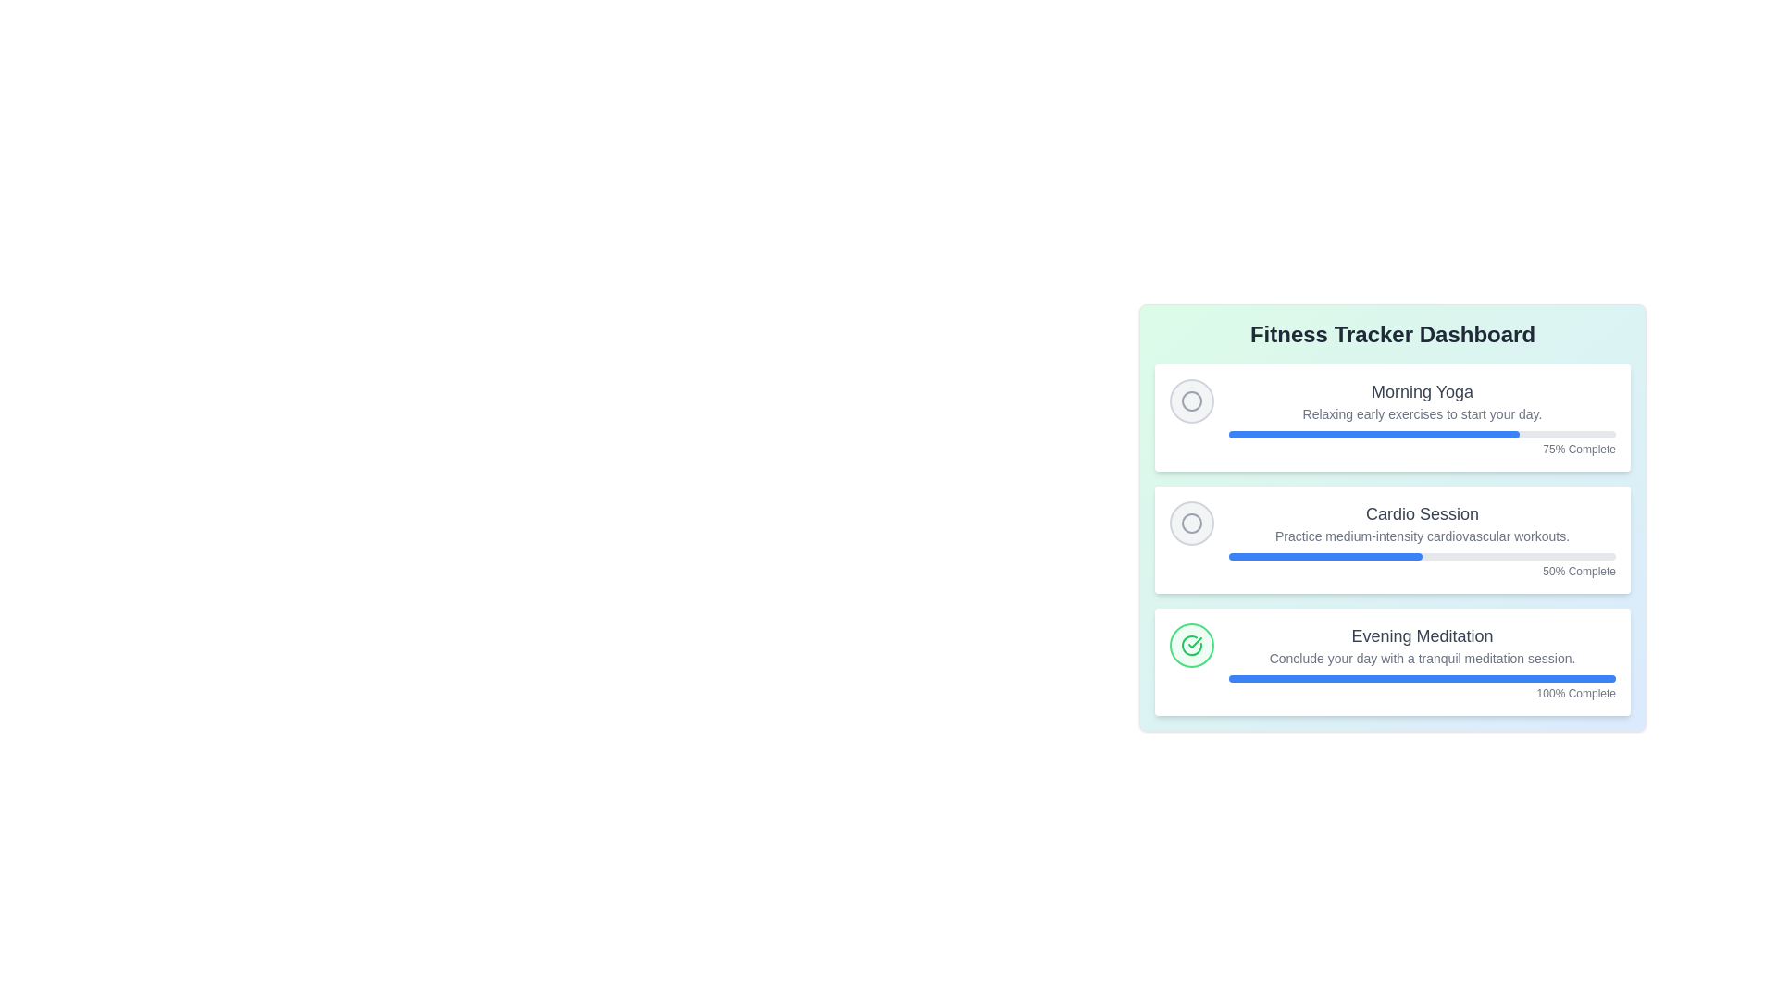 This screenshot has width=1777, height=999. What do you see at coordinates (1421, 678) in the screenshot?
I see `the Progress bar that indicates the completion of 'Evening Meditation' in the 'Fitness Tracker Dashboard', which is located below the descriptive text and above the '100% Complete' label` at bounding box center [1421, 678].